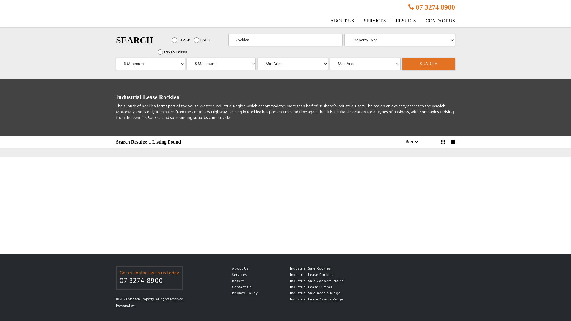  I want to click on '07 3274 8900', so click(432, 7).